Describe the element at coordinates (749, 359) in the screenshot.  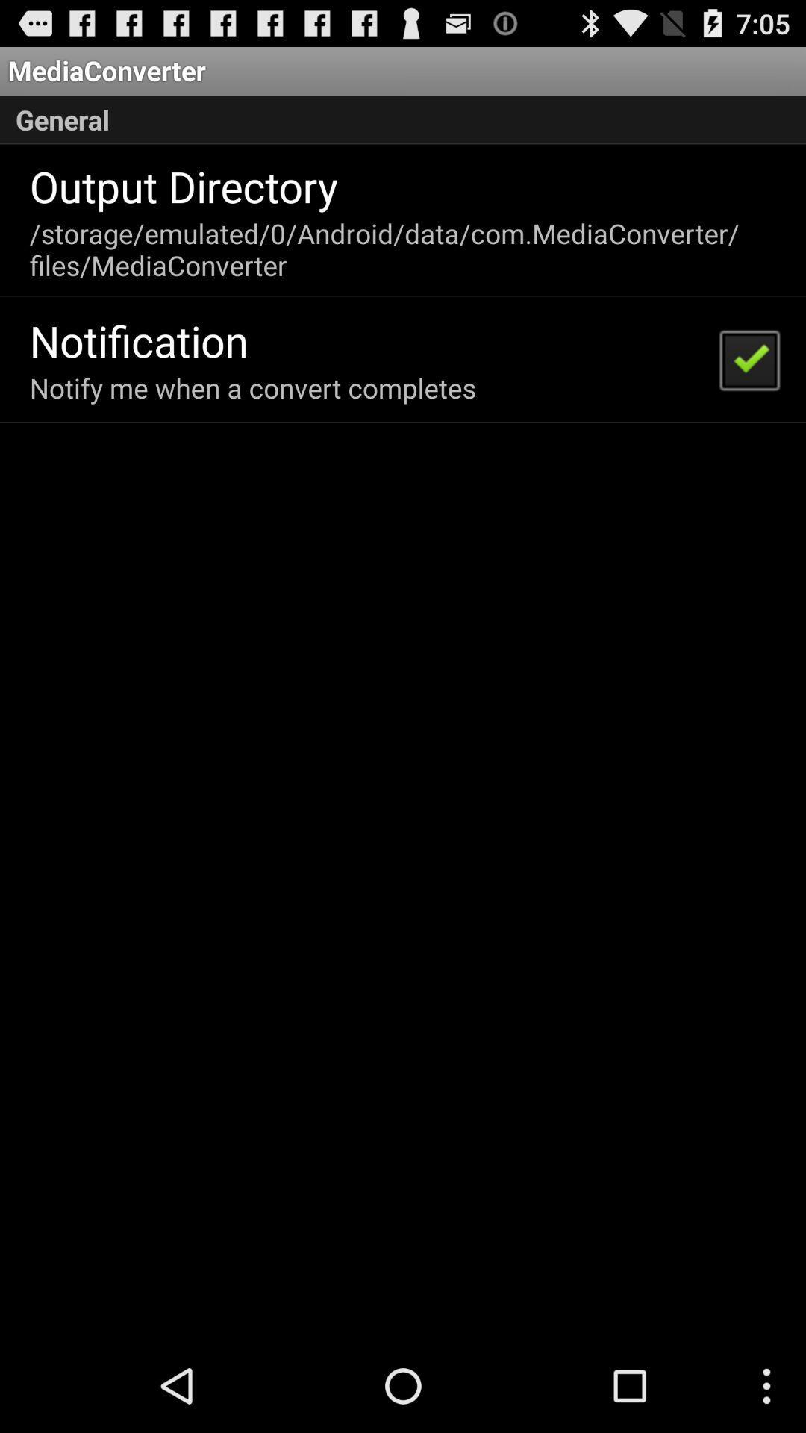
I see `item next to the notify me when icon` at that location.